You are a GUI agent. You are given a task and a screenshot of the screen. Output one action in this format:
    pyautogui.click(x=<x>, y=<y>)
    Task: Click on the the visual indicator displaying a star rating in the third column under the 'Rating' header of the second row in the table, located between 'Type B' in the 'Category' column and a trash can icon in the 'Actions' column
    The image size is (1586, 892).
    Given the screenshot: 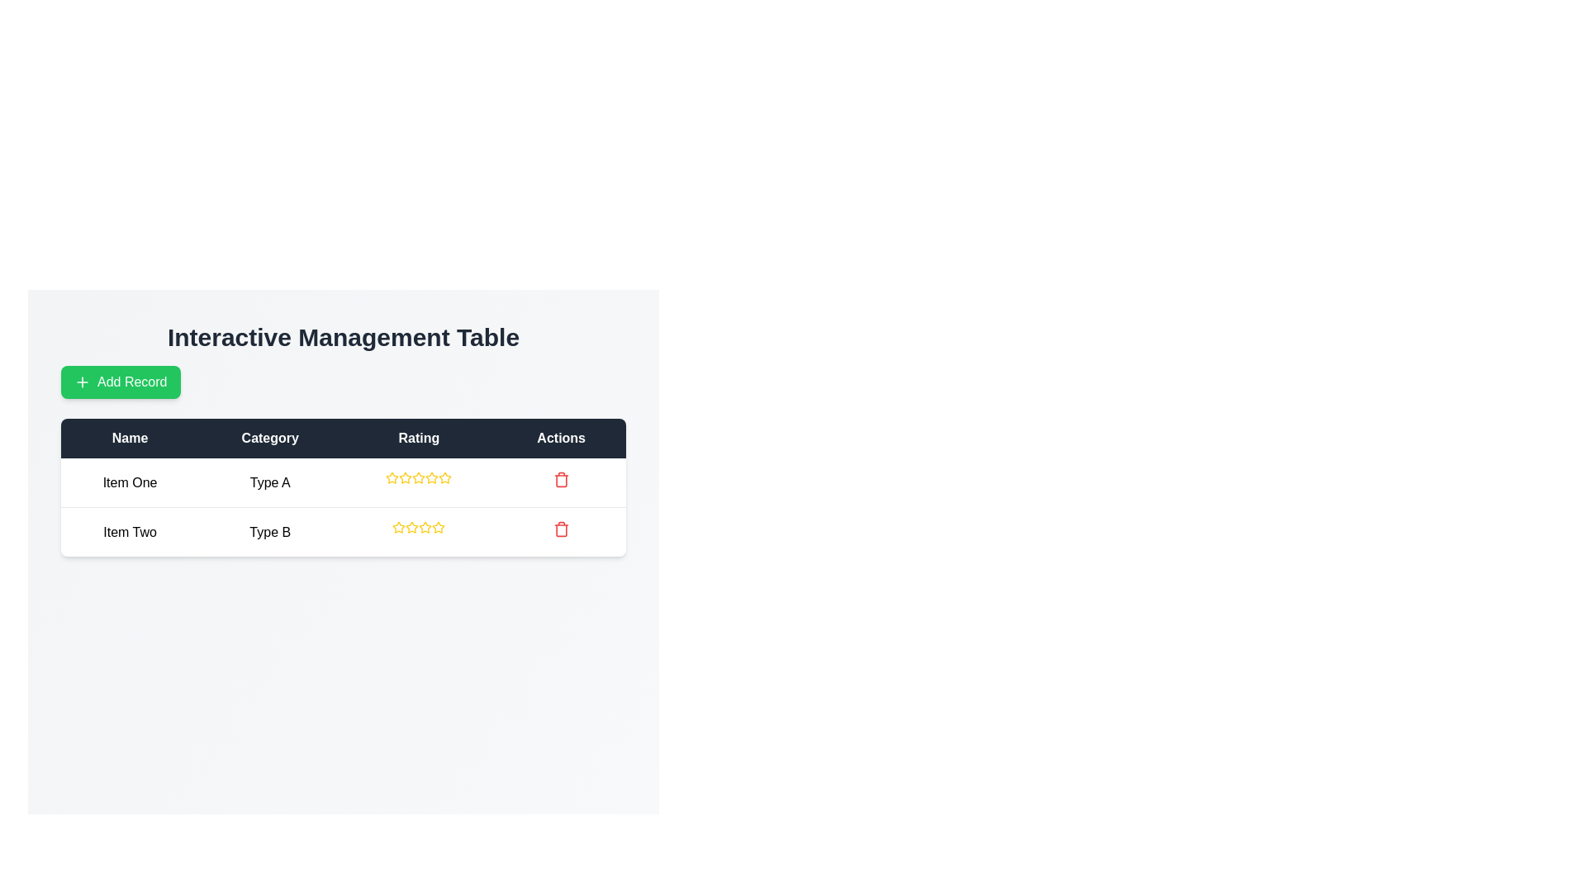 What is the action you would take?
    pyautogui.click(x=419, y=528)
    